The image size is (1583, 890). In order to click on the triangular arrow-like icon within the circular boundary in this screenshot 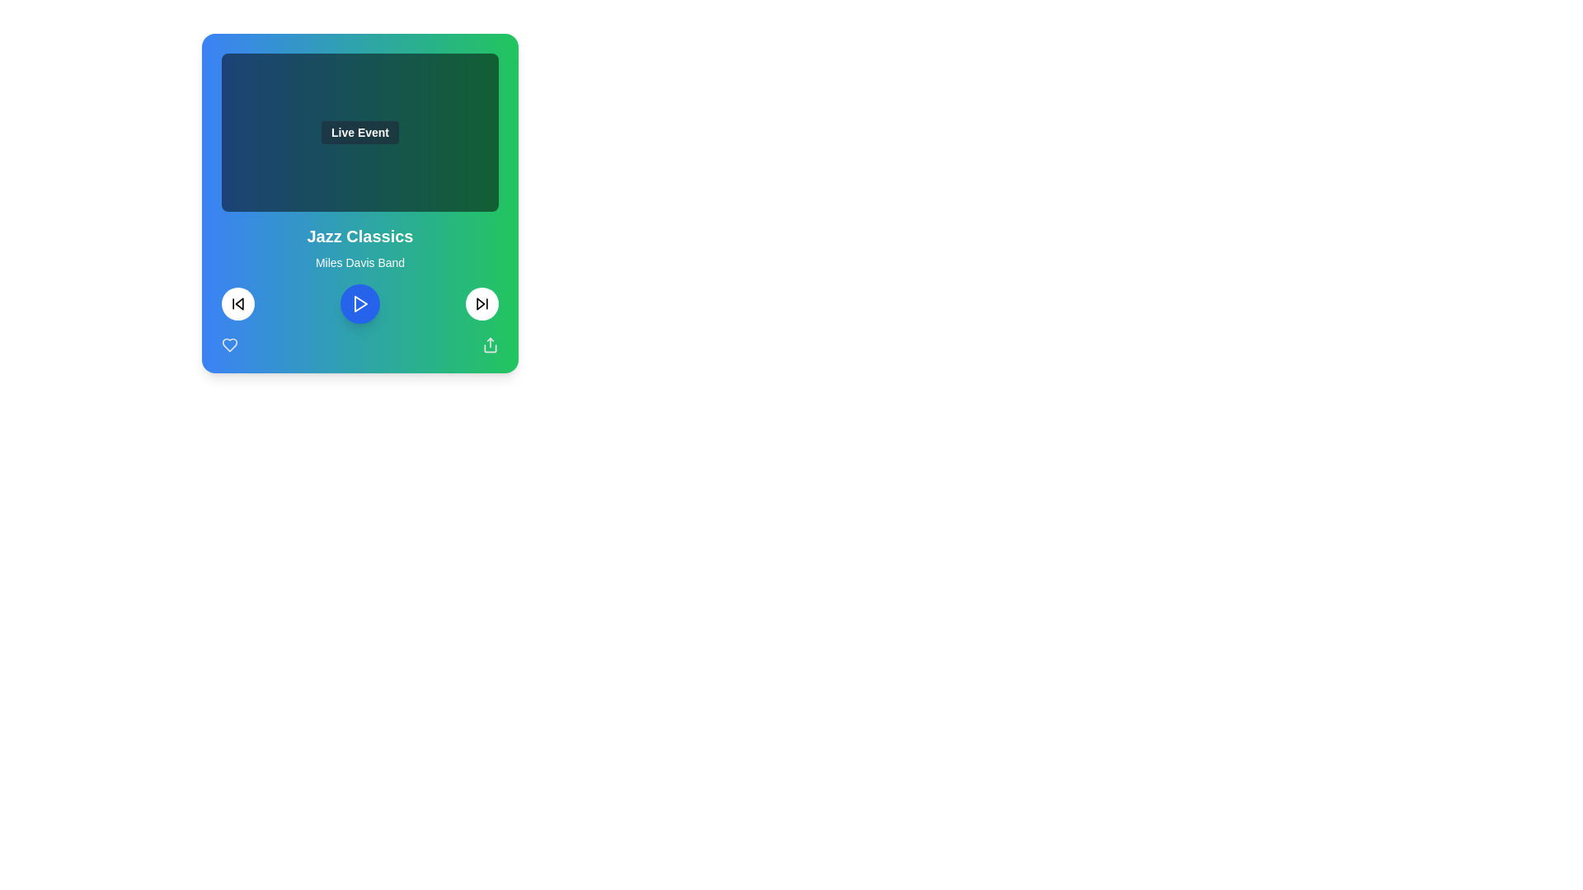, I will do `click(238, 304)`.